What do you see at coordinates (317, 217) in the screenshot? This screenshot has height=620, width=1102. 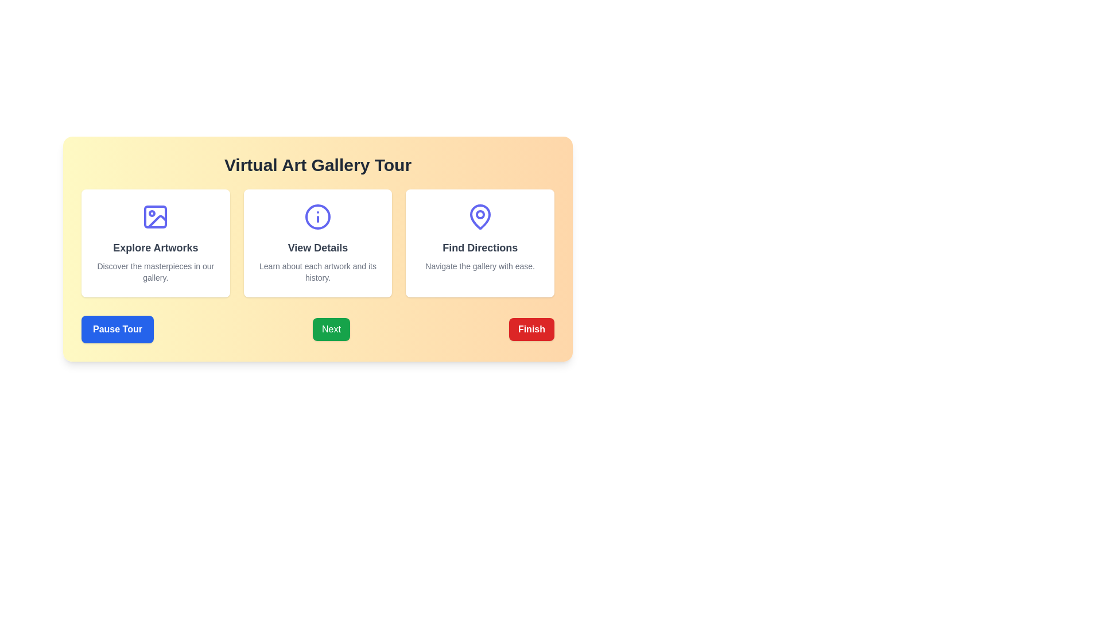 I see `the circular icon with a blue outline containing an ‘i’ symbol, located centrally in the middle card of the 'Virtual Art Gallery Tour' section` at bounding box center [317, 217].